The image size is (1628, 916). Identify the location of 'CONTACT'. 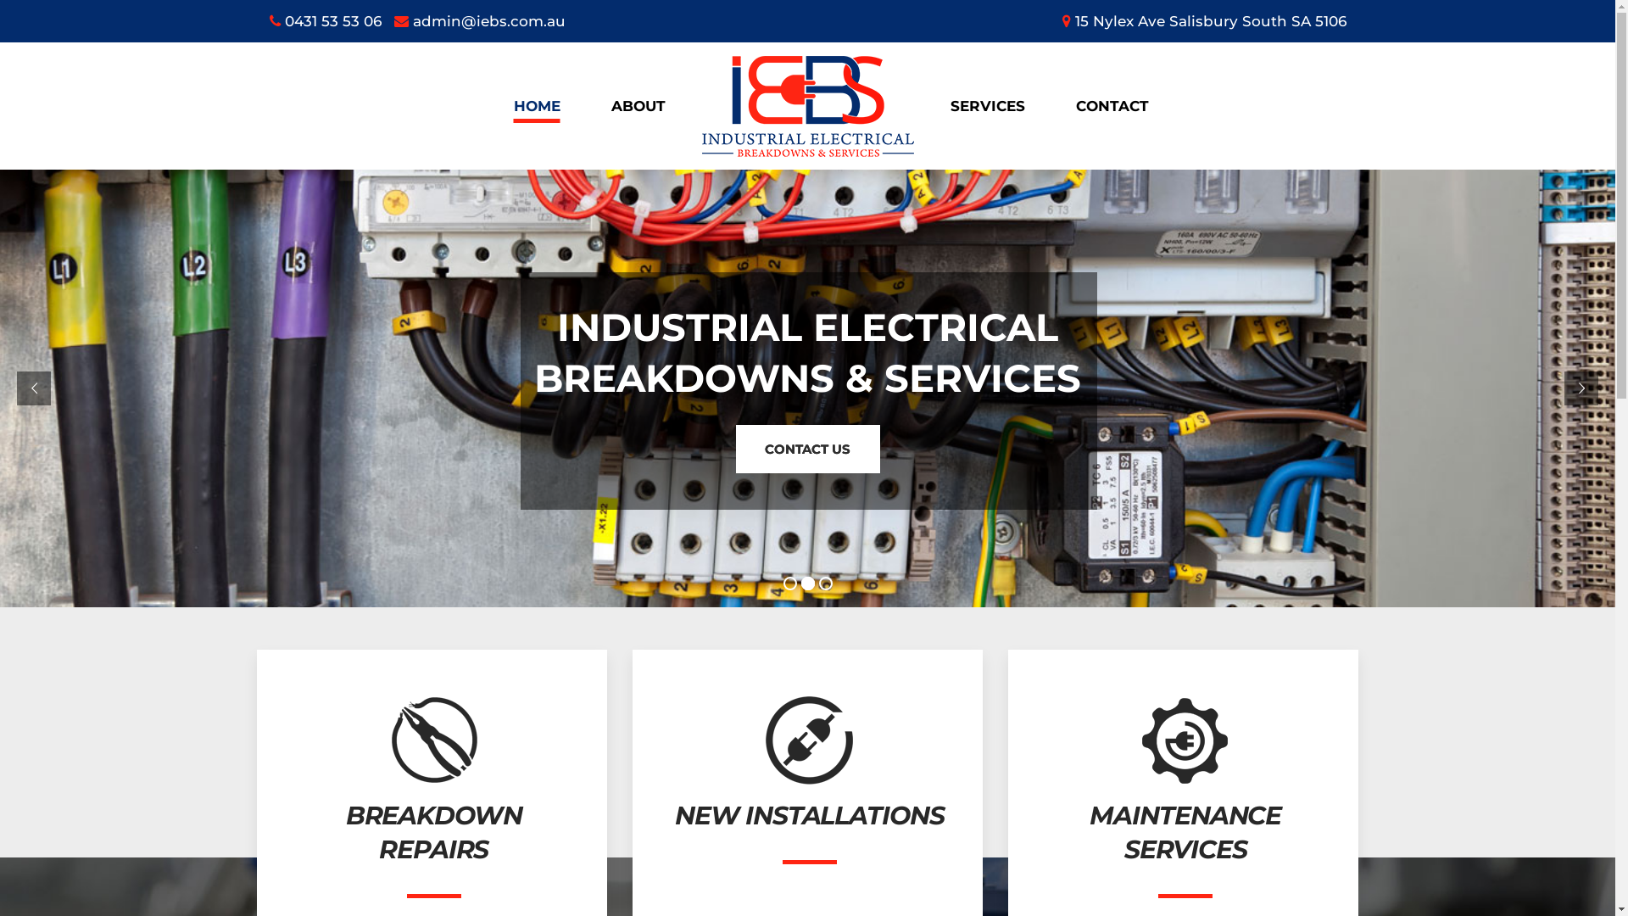
(1049, 105).